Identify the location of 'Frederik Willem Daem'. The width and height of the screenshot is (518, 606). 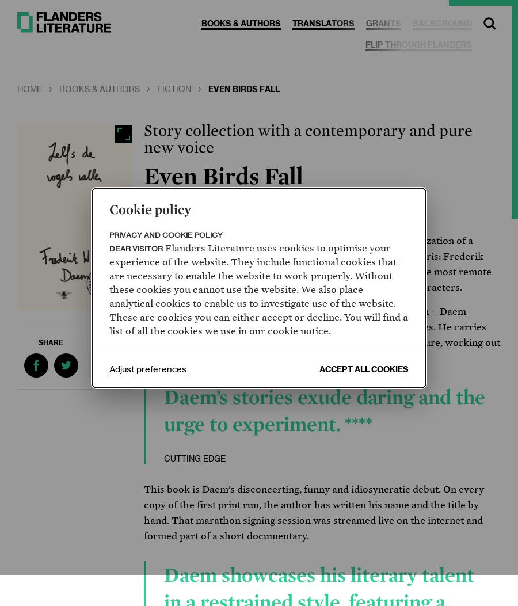
(219, 207).